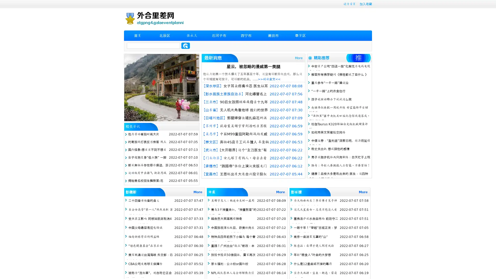 The image size is (496, 279). Describe the element at coordinates (185, 45) in the screenshot. I see `Search` at that location.